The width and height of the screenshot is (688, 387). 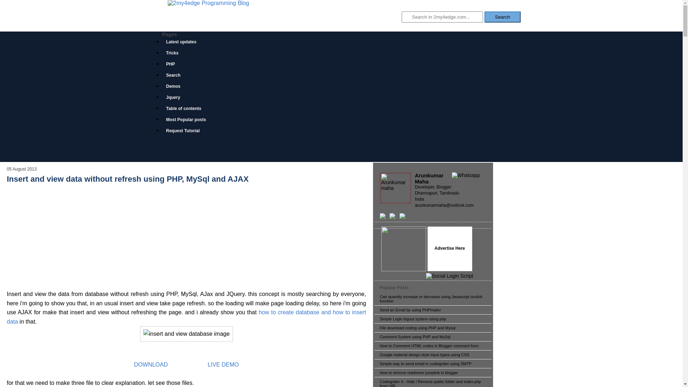 I want to click on 'Send an Email by using PHPmailer', so click(x=410, y=309).